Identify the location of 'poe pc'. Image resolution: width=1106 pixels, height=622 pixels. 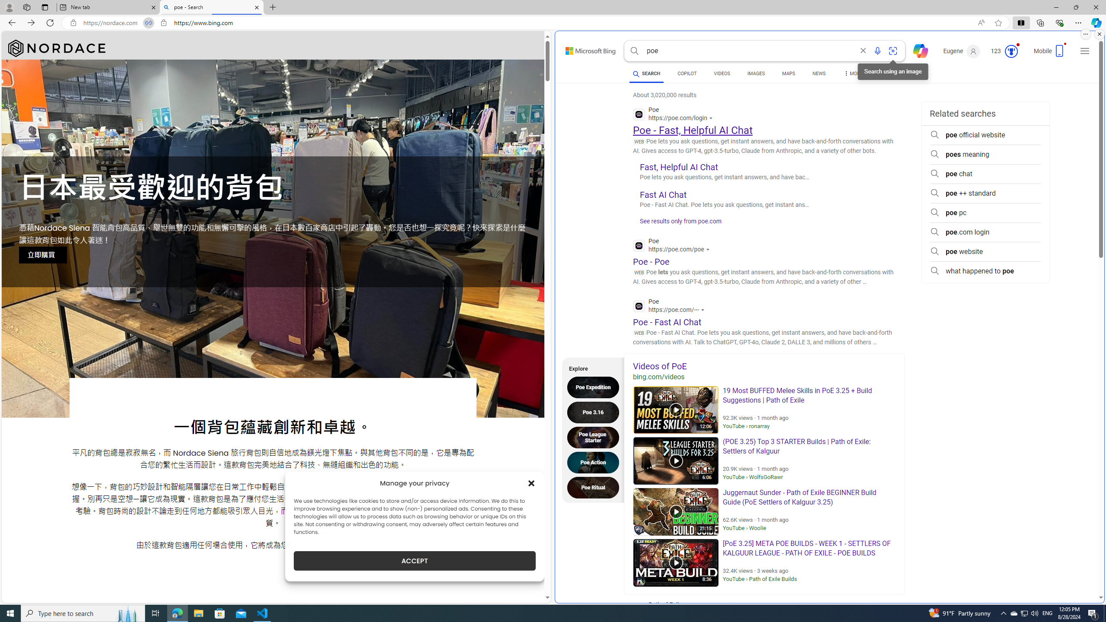
(985, 213).